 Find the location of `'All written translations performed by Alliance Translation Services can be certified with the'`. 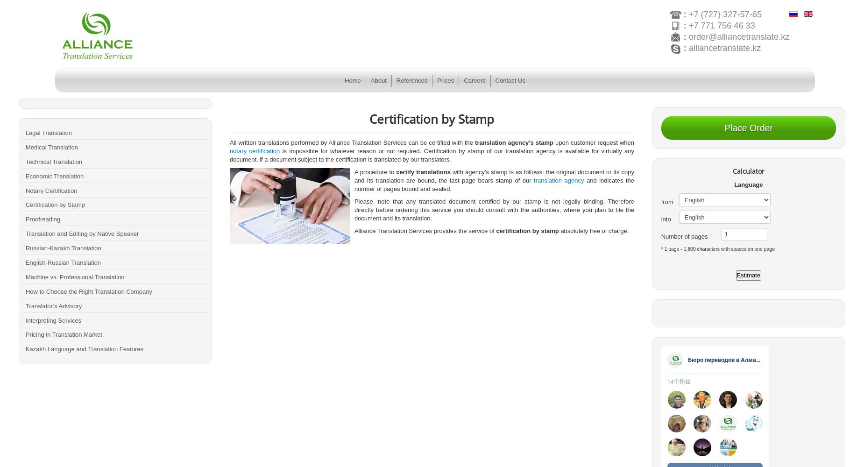

'All written translations performed by Alliance Translation Services can be certified with the' is located at coordinates (229, 142).